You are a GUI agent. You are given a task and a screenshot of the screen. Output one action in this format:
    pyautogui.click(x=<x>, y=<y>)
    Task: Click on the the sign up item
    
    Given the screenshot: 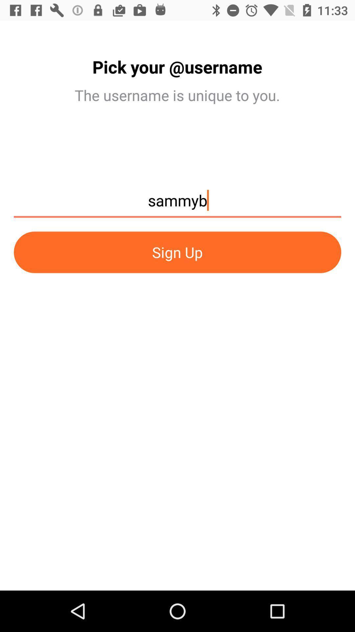 What is the action you would take?
    pyautogui.click(x=177, y=252)
    